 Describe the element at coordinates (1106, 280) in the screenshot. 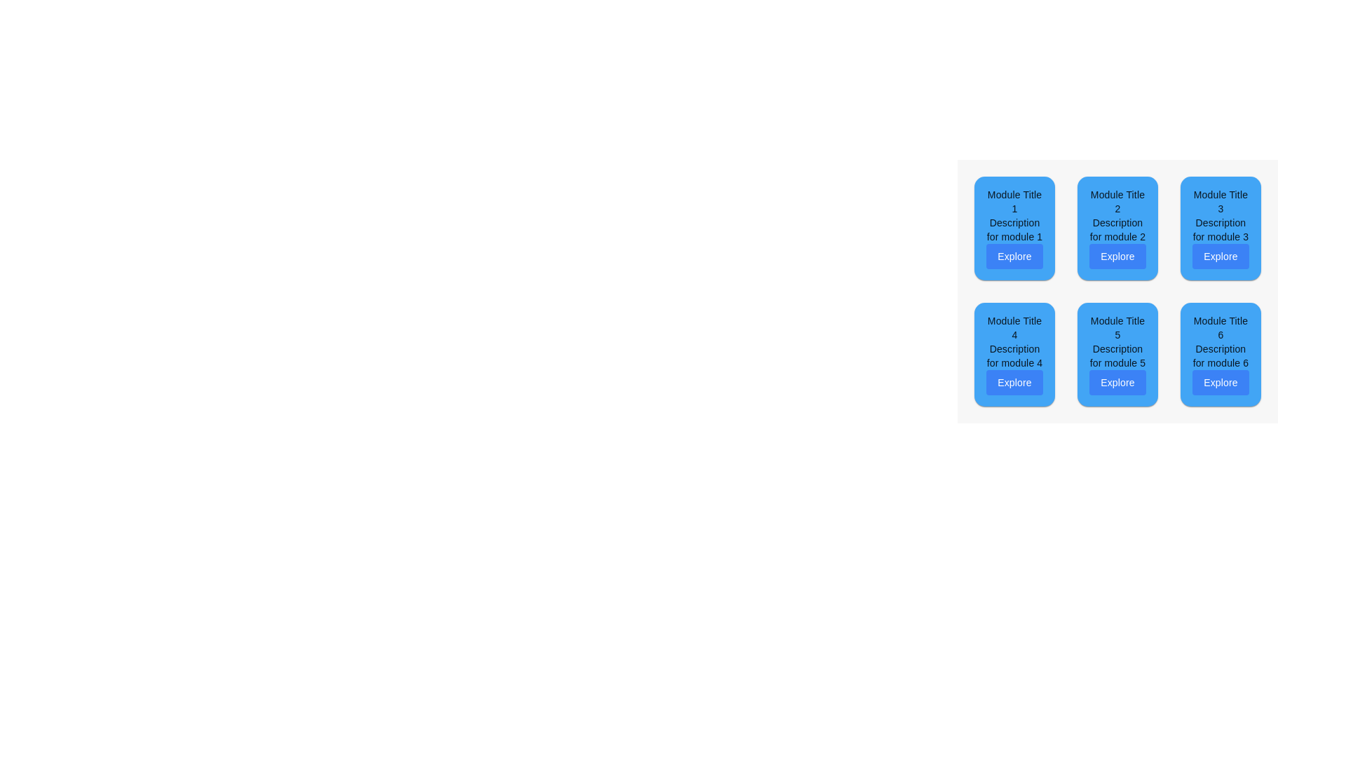

I see `the 'Explore' button inside the module box that provides information and an associated action, located centrally within the grid as the second element in the top row` at that location.